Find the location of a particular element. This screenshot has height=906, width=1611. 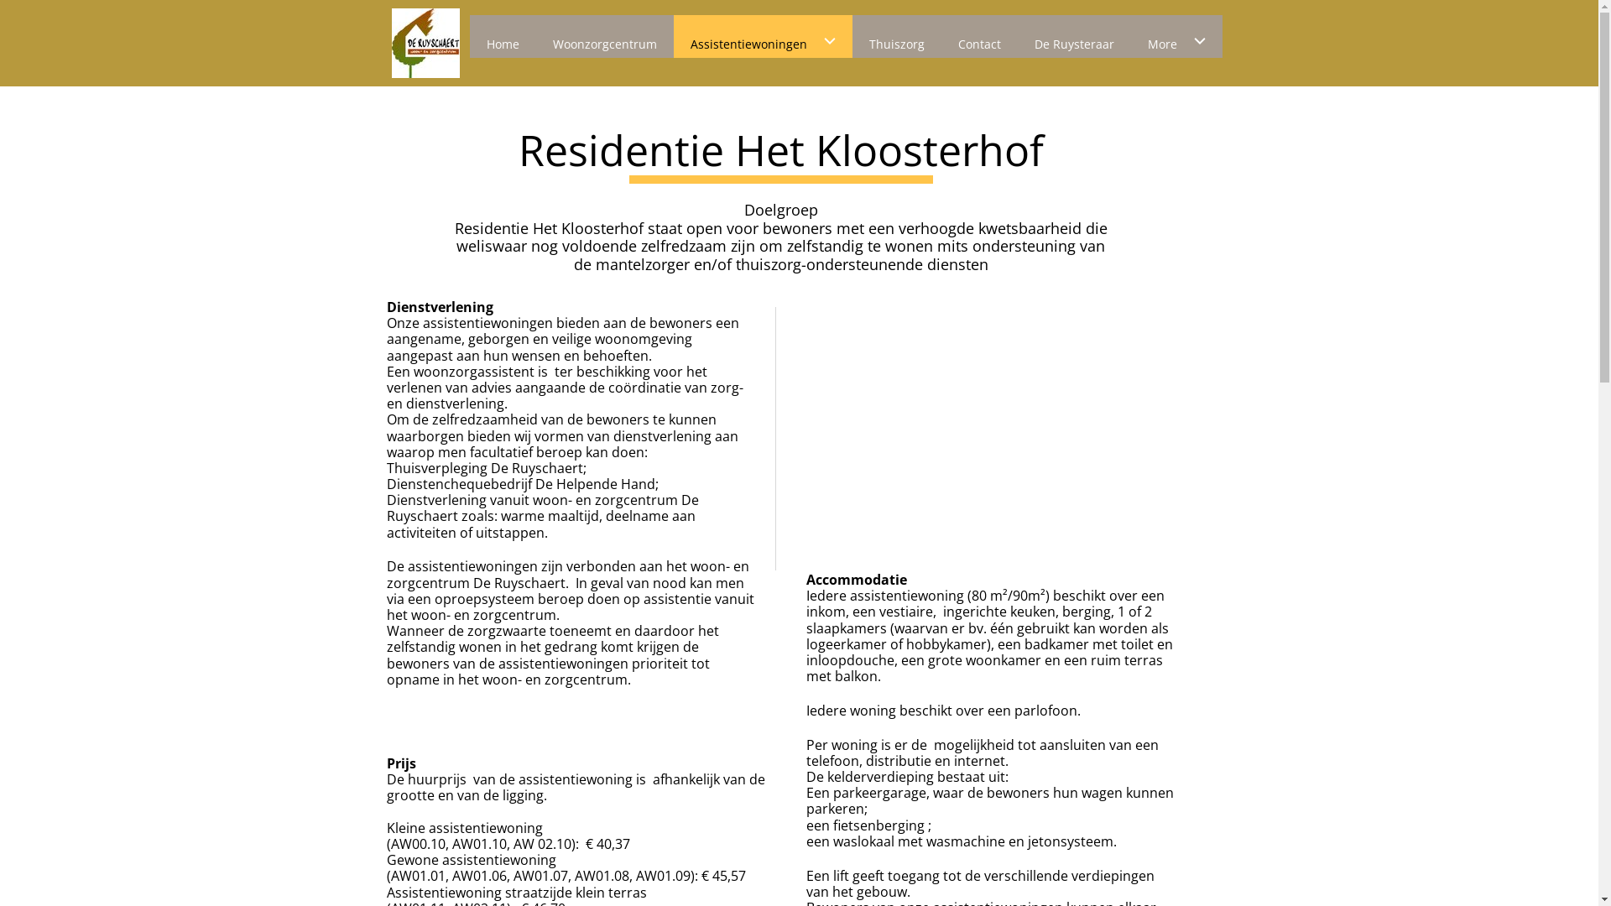

'De Ruysteraar' is located at coordinates (1072, 36).